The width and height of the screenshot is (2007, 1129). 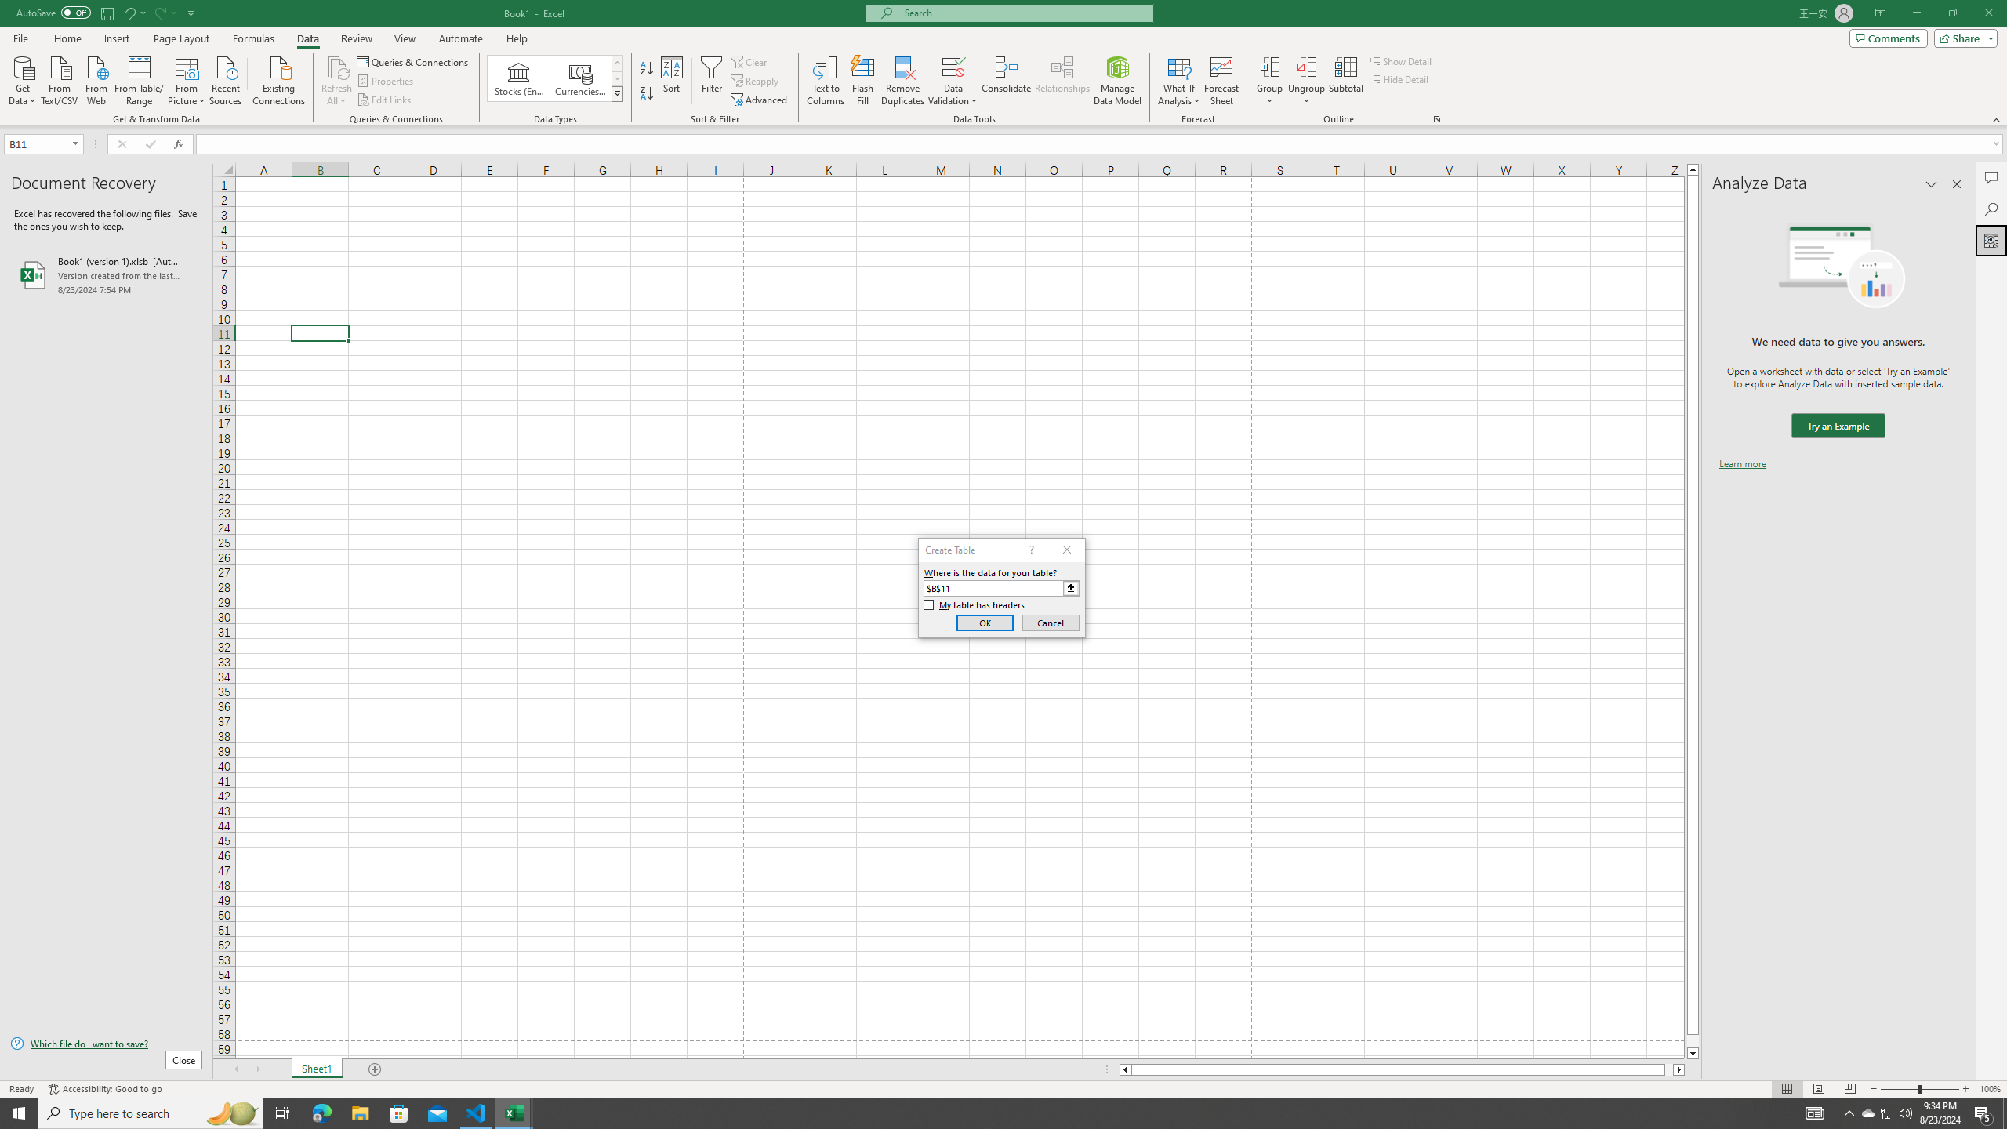 I want to click on 'Sort A to Z', so click(x=646, y=68).